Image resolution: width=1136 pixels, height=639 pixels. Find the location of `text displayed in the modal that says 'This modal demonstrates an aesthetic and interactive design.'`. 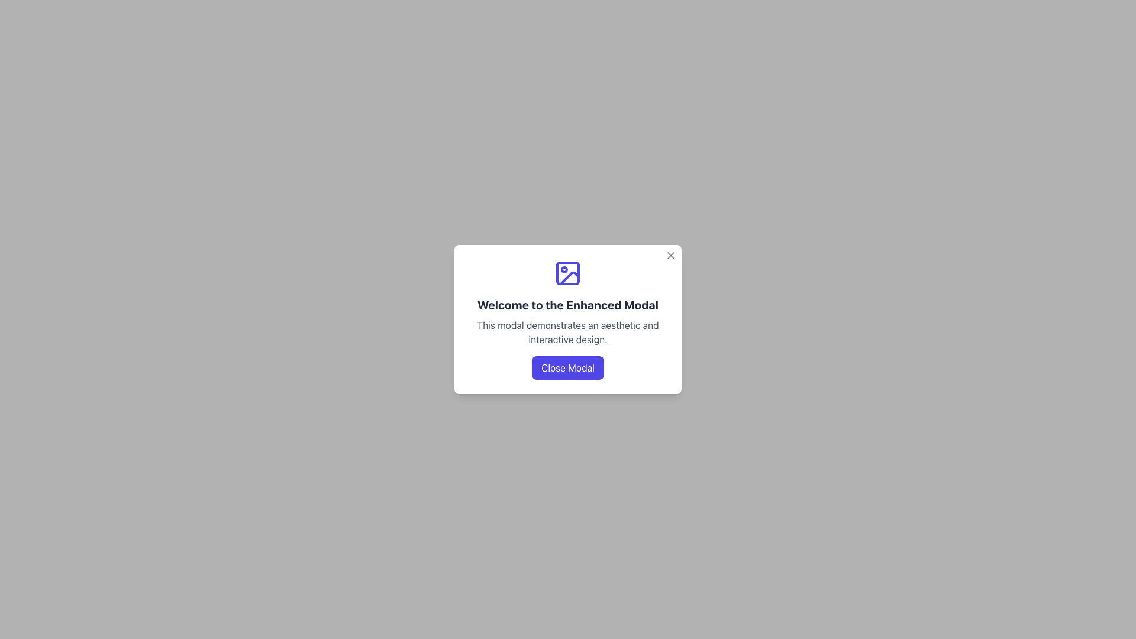

text displayed in the modal that says 'This modal demonstrates an aesthetic and interactive design.' is located at coordinates (568, 333).